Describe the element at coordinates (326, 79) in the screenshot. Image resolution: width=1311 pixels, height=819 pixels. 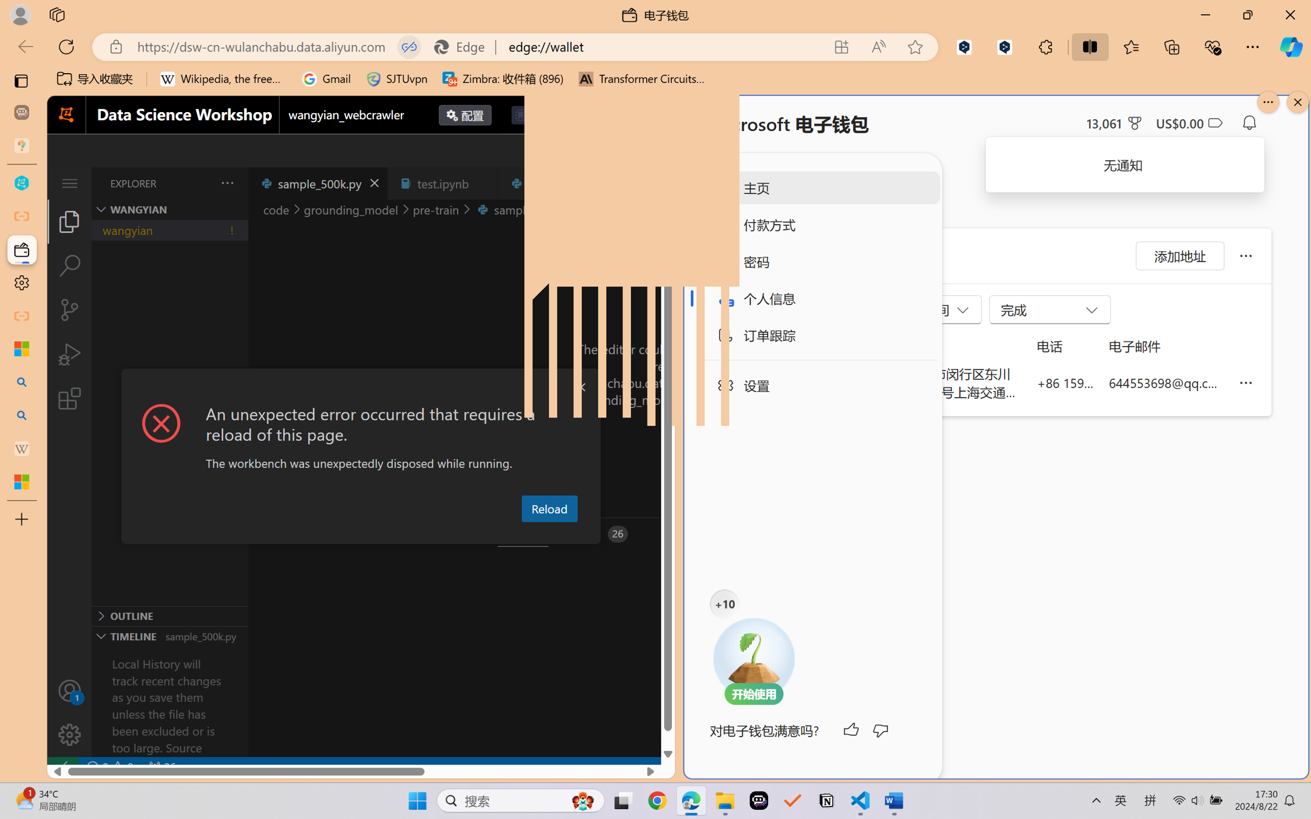
I see `'Gmail'` at that location.